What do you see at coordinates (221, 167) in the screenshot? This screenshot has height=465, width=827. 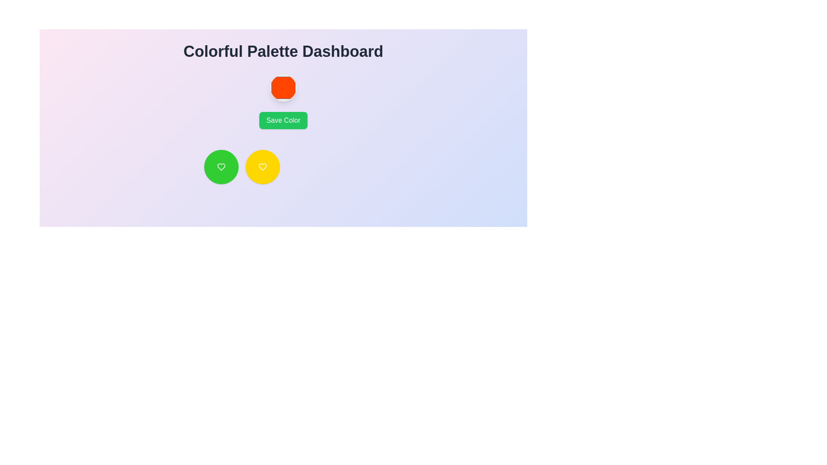 I see `the heart-shaped icon embedded within the green circular button located prominently in the lower left quadrant below the 'Save Color' button` at bounding box center [221, 167].